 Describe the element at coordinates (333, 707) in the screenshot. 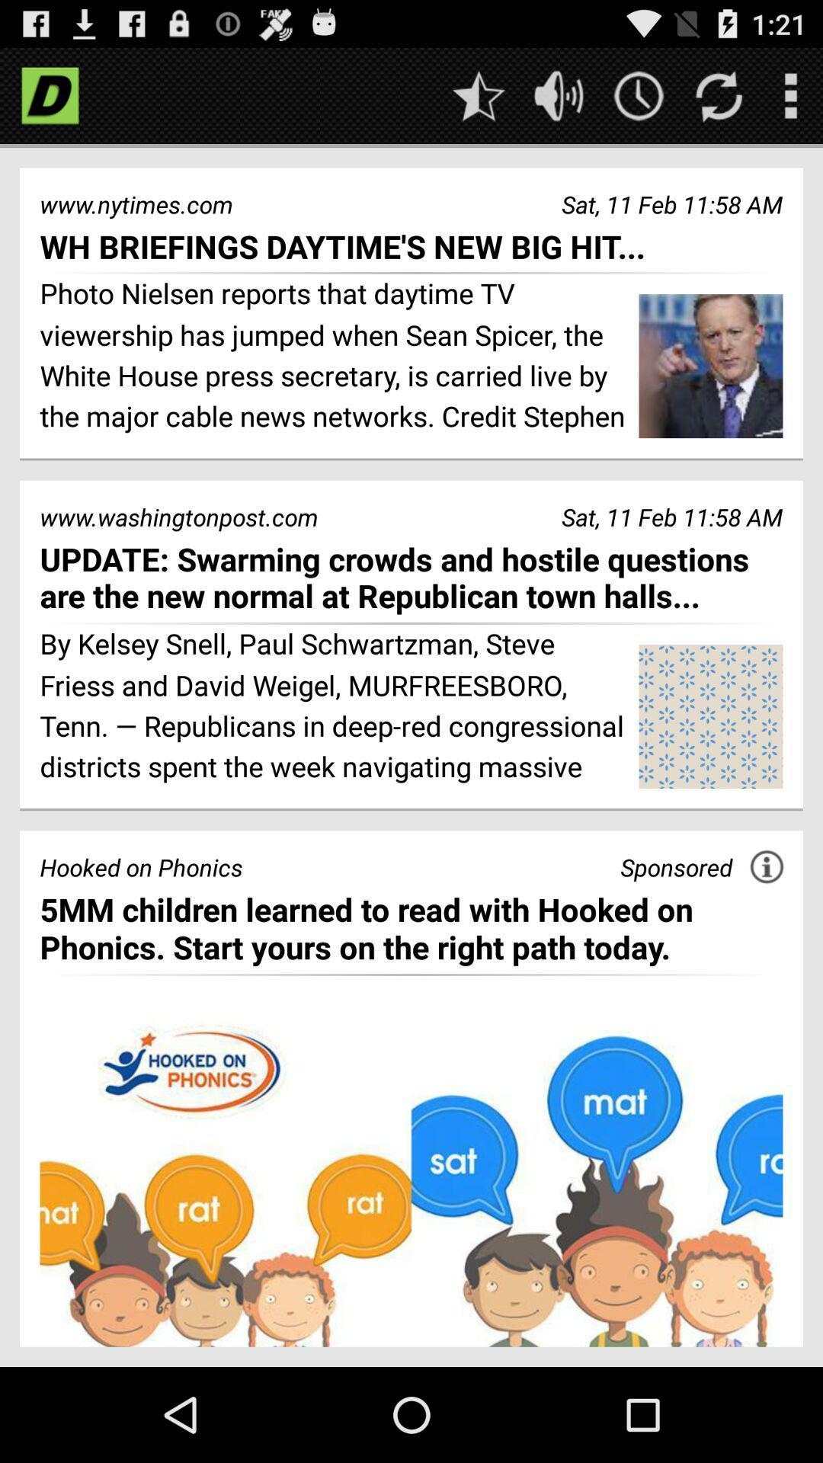

I see `the by kelsey snell icon` at that location.